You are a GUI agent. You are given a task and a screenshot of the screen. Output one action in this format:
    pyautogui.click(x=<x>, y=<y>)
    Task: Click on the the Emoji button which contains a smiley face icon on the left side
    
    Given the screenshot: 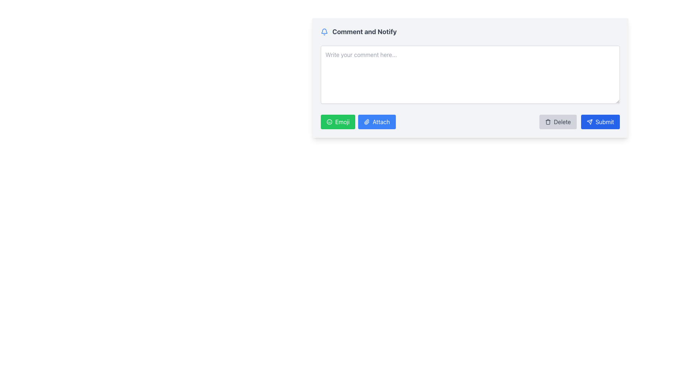 What is the action you would take?
    pyautogui.click(x=329, y=121)
    